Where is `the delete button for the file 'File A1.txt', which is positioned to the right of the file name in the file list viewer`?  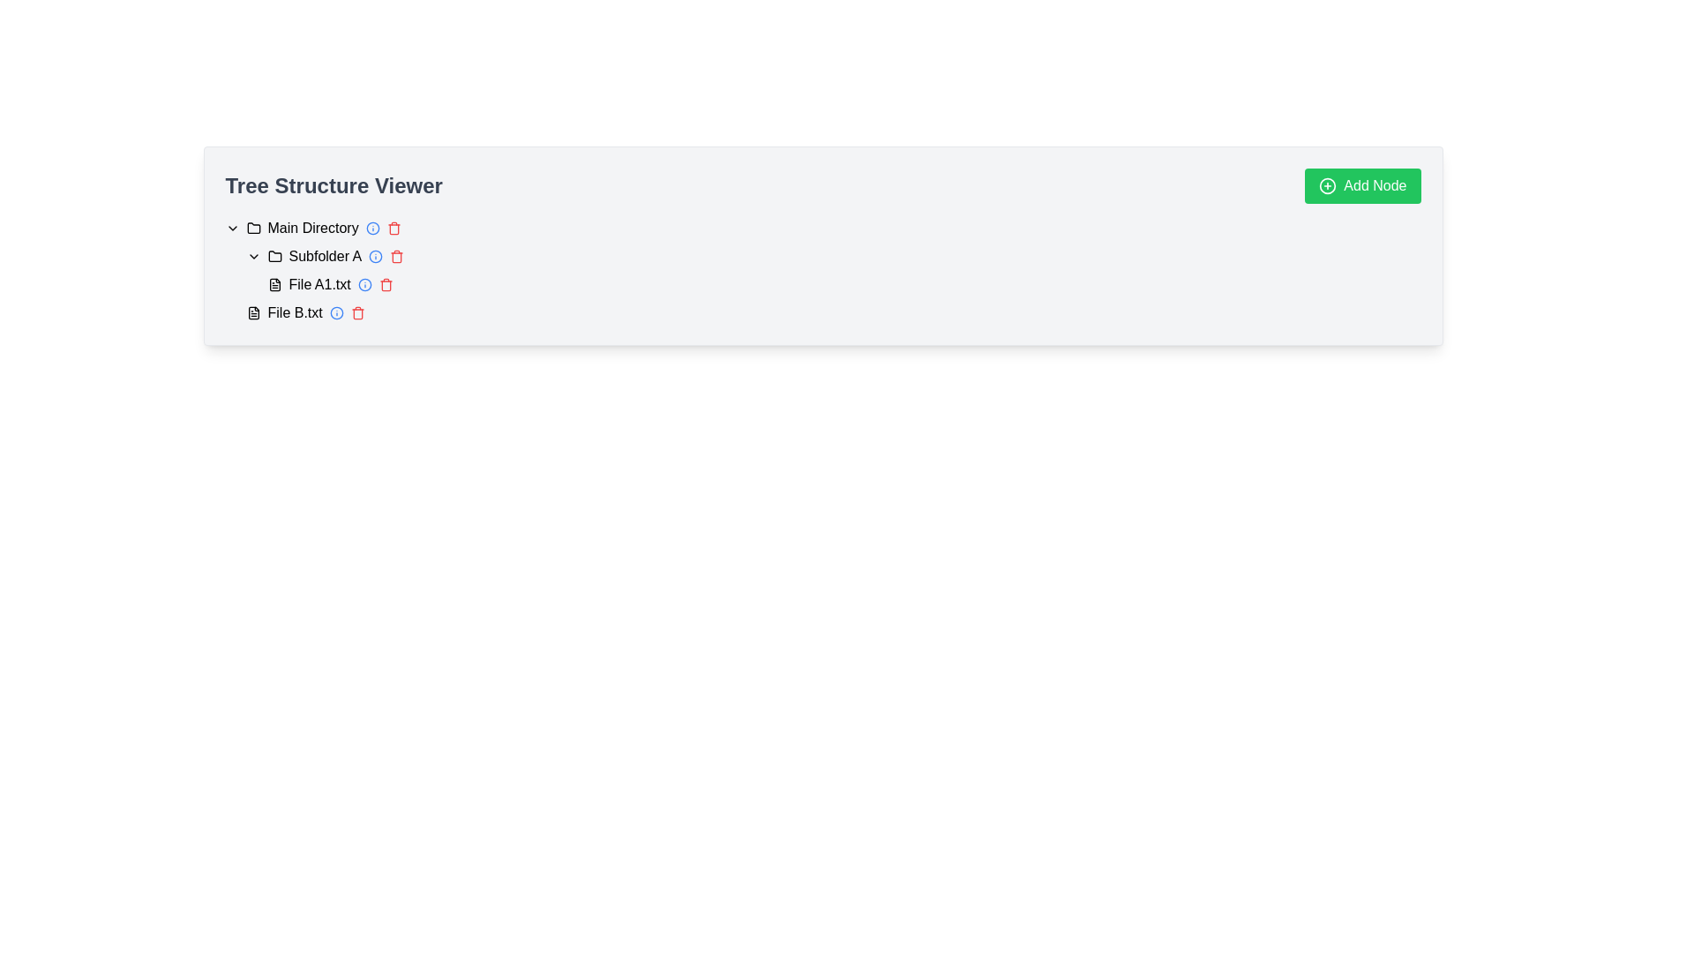 the delete button for the file 'File A1.txt', which is positioned to the right of the file name in the file list viewer is located at coordinates (385, 284).